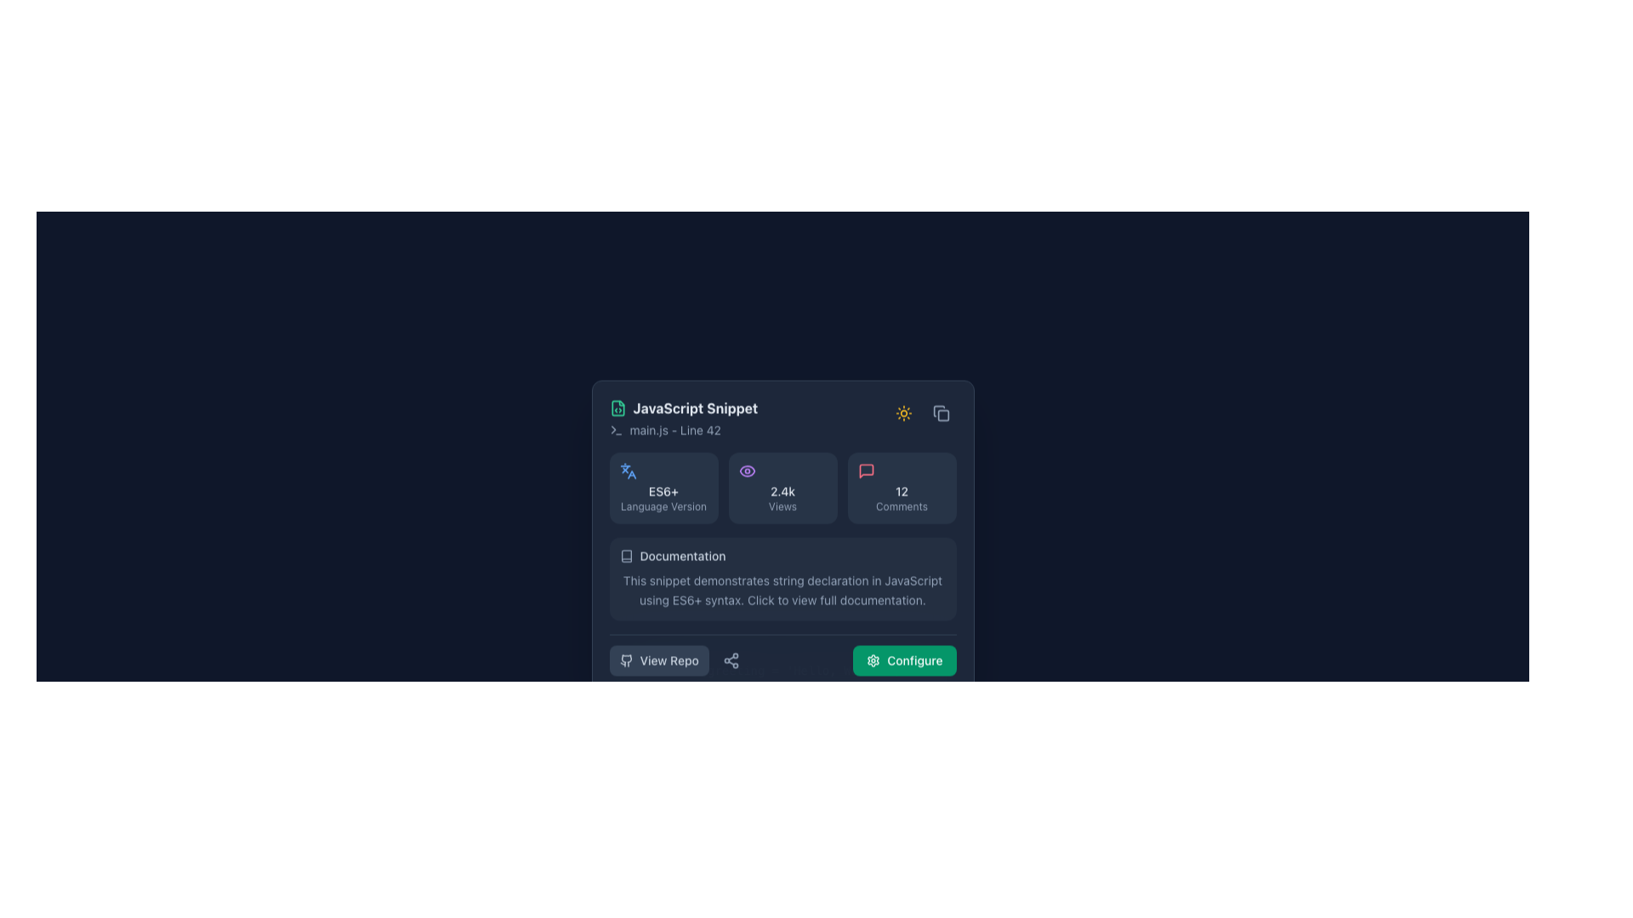 This screenshot has height=918, width=1633. Describe the element at coordinates (940, 413) in the screenshot. I see `the copy button-like interactive icon located in the upper-right corner of the 'JavaScript Snippet' panel to change its hover state` at that location.